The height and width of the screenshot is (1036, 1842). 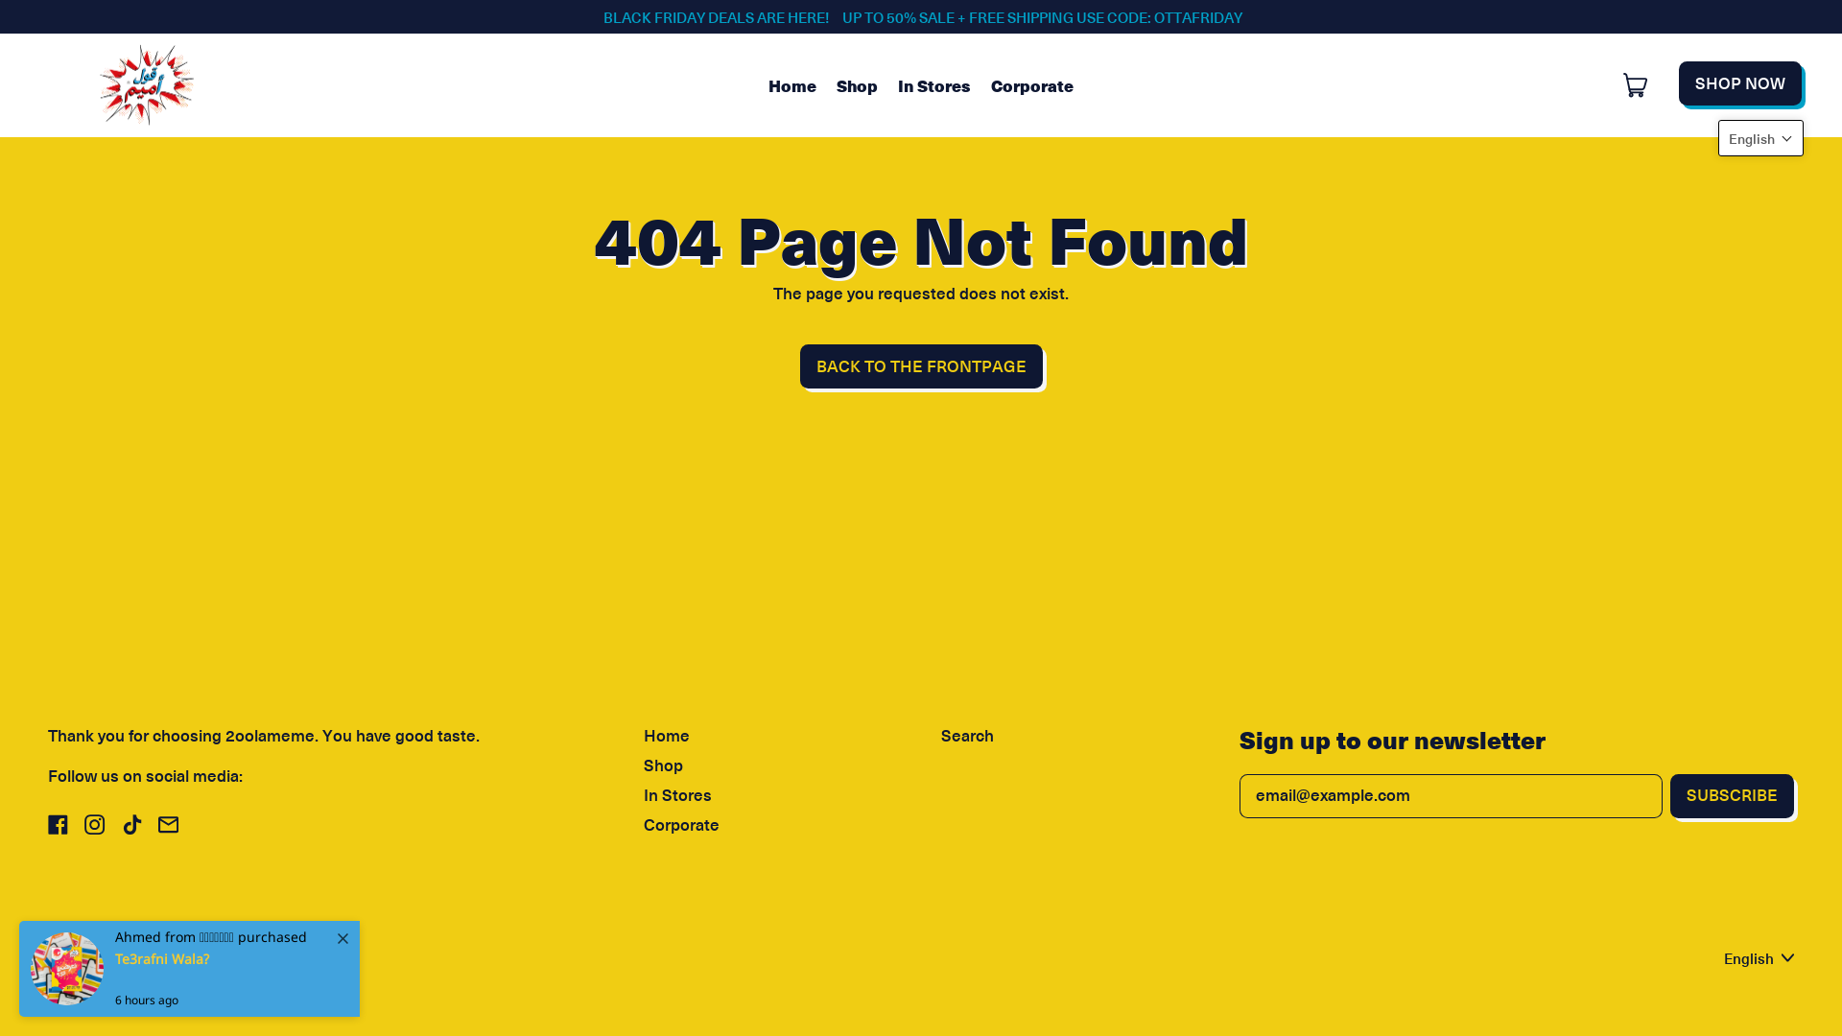 I want to click on 'Instagram', so click(x=93, y=828).